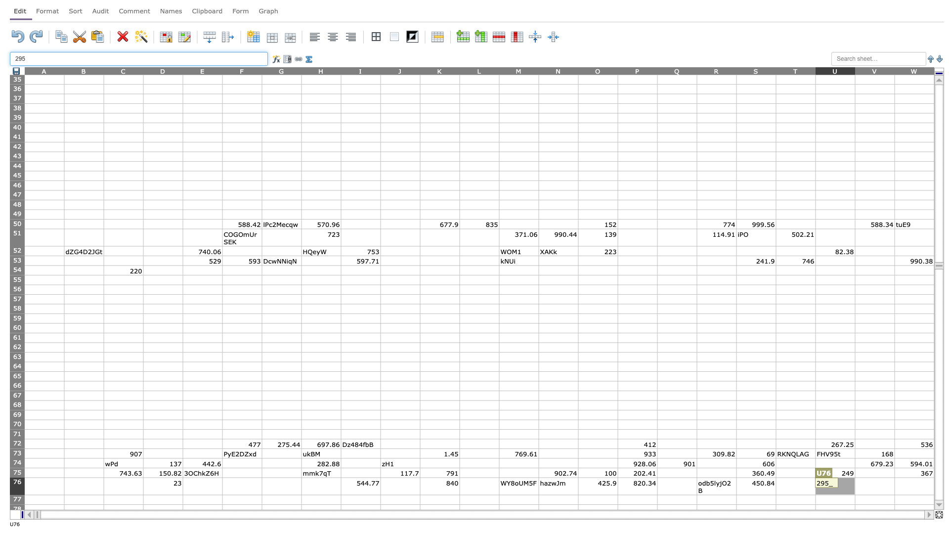 The height and width of the screenshot is (534, 949). I want to click on top left corner of V76, so click(854, 477).